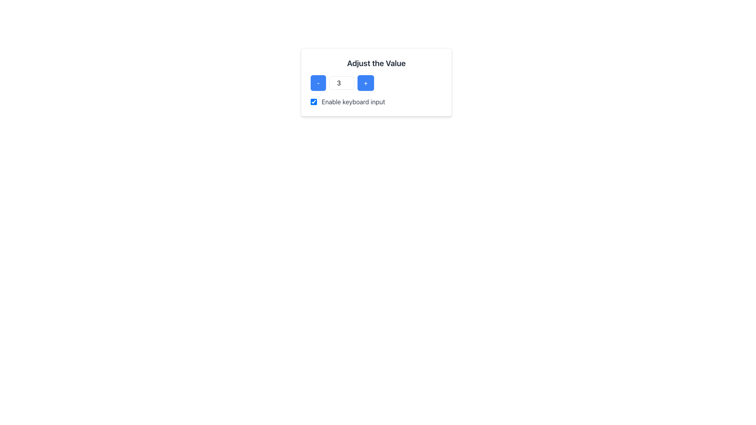 Image resolution: width=756 pixels, height=425 pixels. What do you see at coordinates (342, 83) in the screenshot?
I see `the numeric input field` at bounding box center [342, 83].